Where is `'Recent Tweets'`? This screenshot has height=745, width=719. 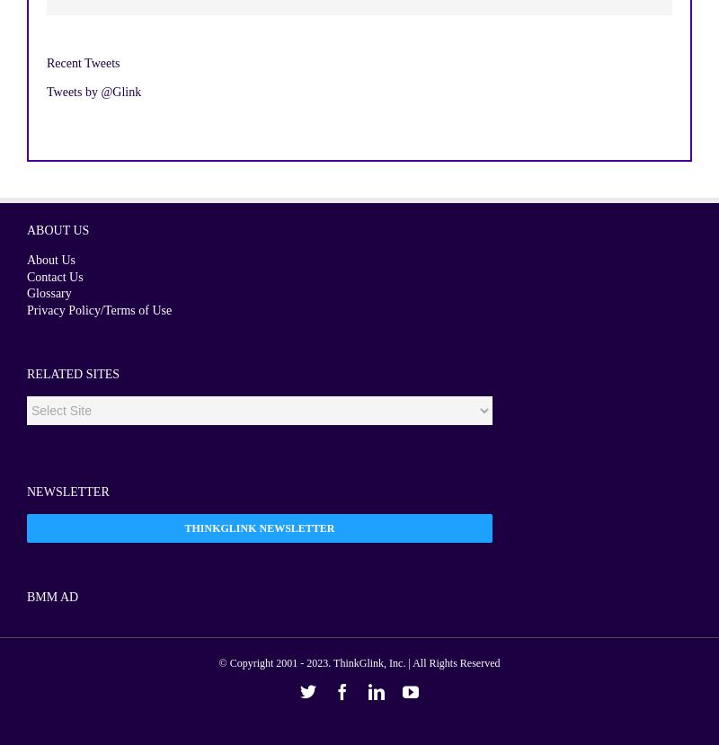
'Recent Tweets' is located at coordinates (83, 62).